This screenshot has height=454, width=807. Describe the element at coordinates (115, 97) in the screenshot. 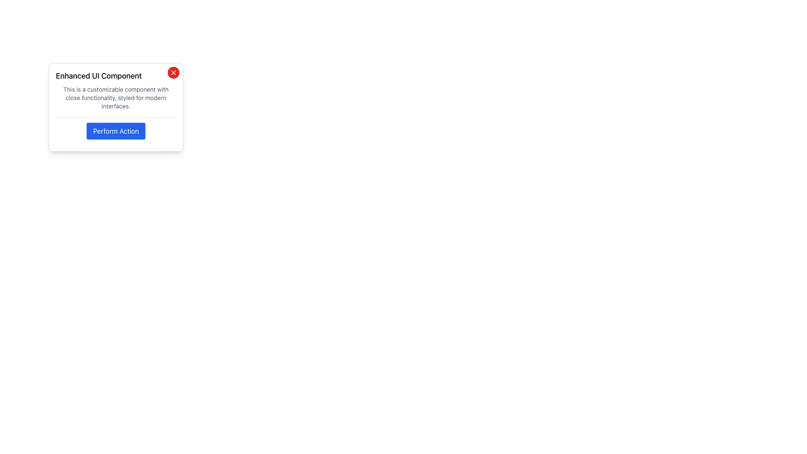

I see `text label that displays 'This is a customizable component with close functionality, styled for modern interfaces.' located within a card-like interface, positioned below the heading 'Enhanced UI Component' and above the button 'Perform Action.'` at that location.